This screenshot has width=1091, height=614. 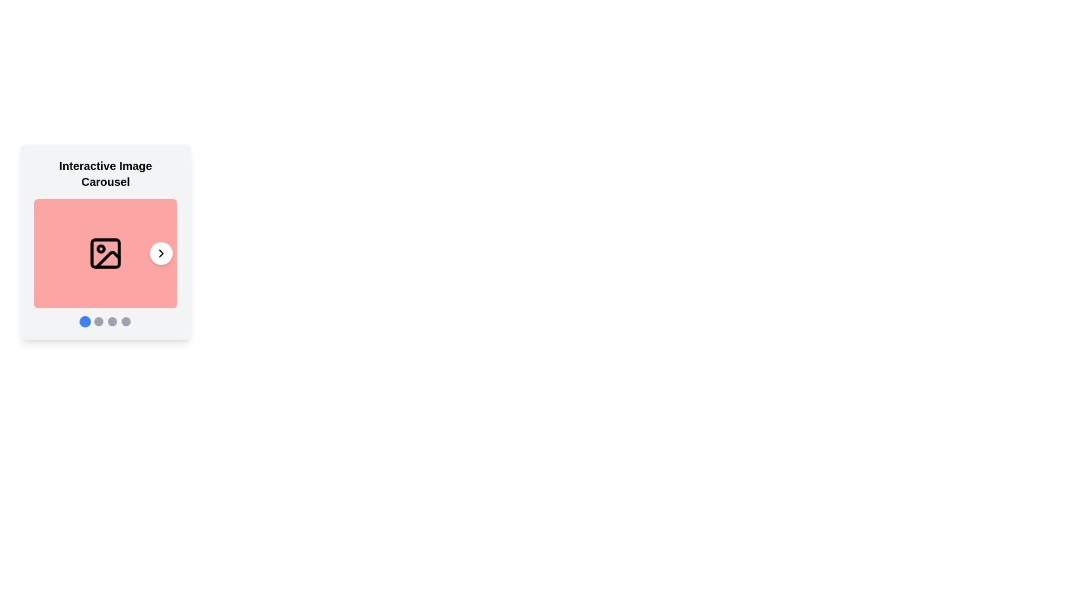 What do you see at coordinates (49, 253) in the screenshot?
I see `the backward navigation button for the image carousel` at bounding box center [49, 253].